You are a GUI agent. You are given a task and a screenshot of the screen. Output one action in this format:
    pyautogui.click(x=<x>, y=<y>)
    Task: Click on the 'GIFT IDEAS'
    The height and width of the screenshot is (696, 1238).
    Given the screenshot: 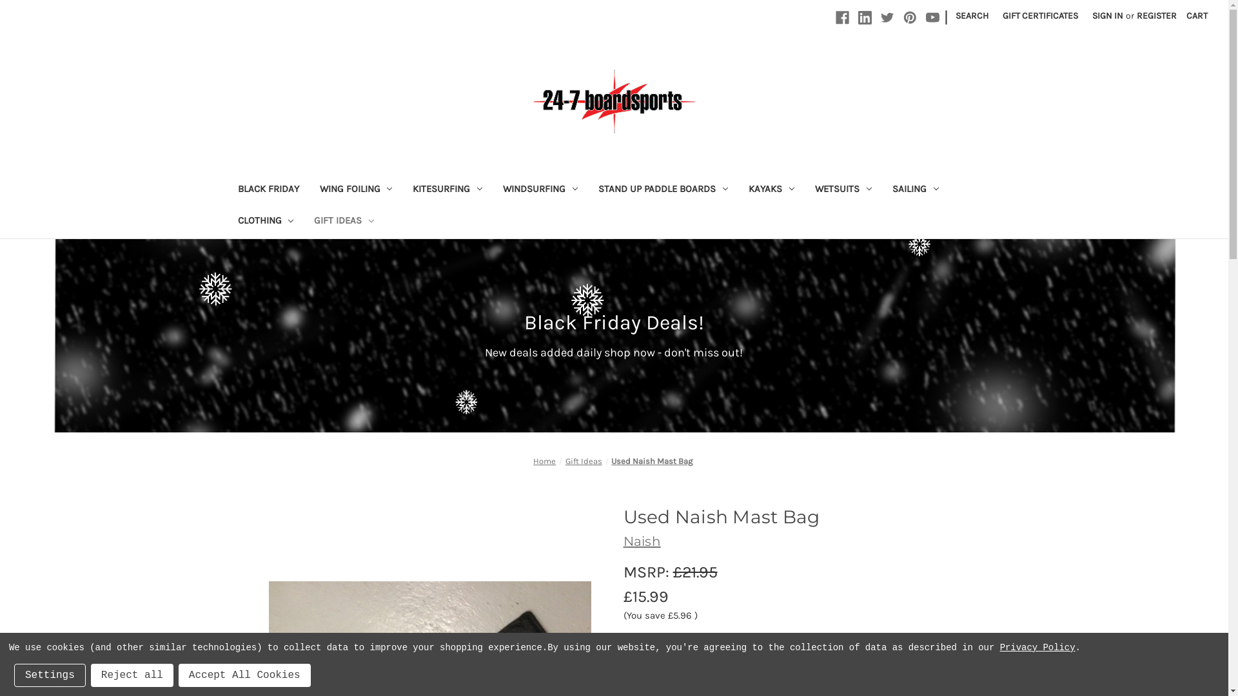 What is the action you would take?
    pyautogui.click(x=344, y=221)
    